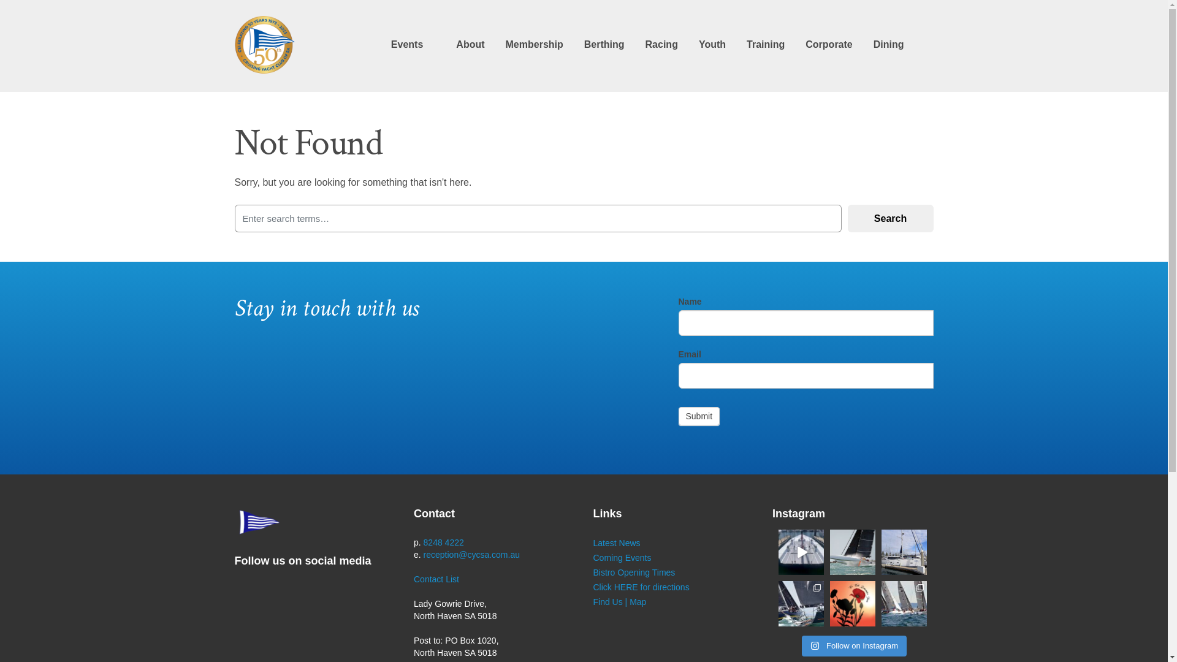  I want to click on 'Coming Events', so click(622, 558).